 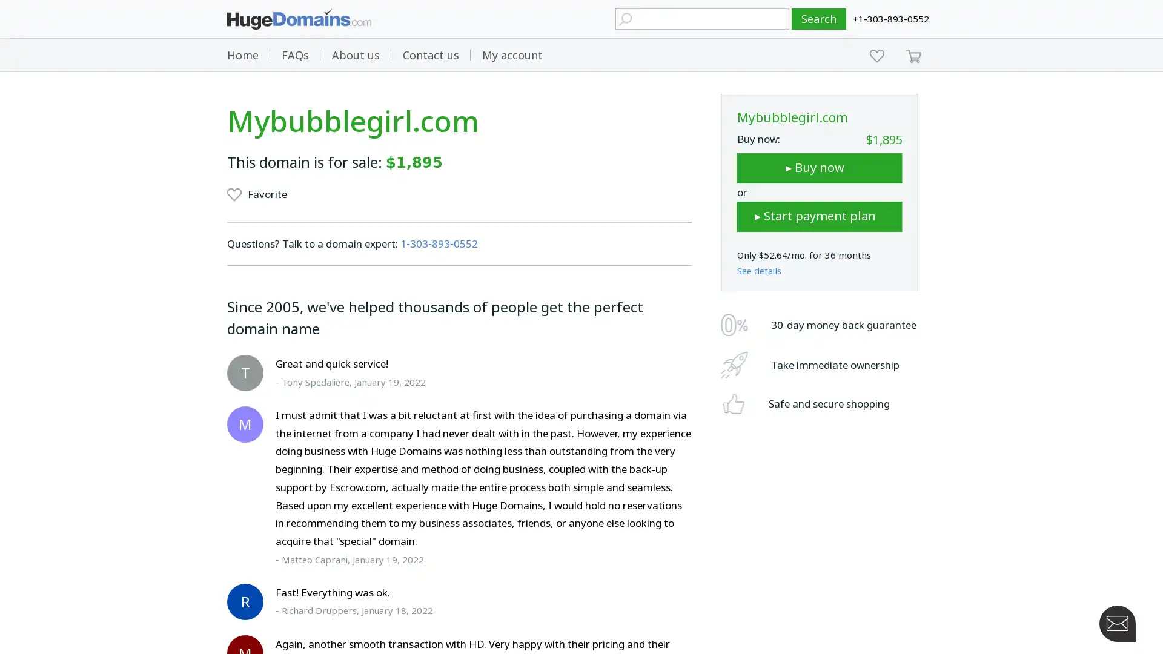 I want to click on Search, so click(x=819, y=19).